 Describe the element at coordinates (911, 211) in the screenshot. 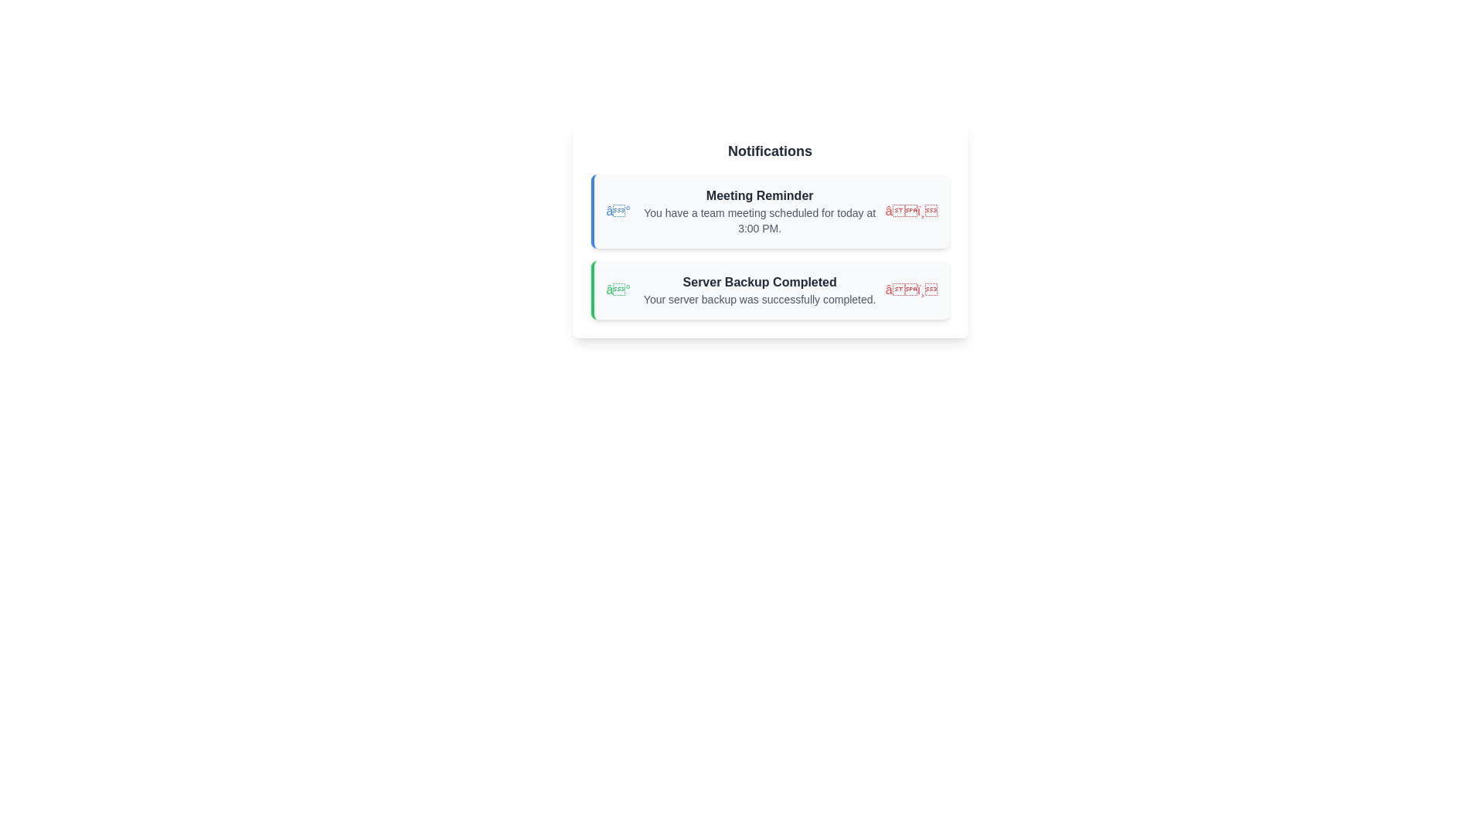

I see `the vibrant red cross (x) icon button at the far-right end of the 'Meeting Reminder' notification` at that location.